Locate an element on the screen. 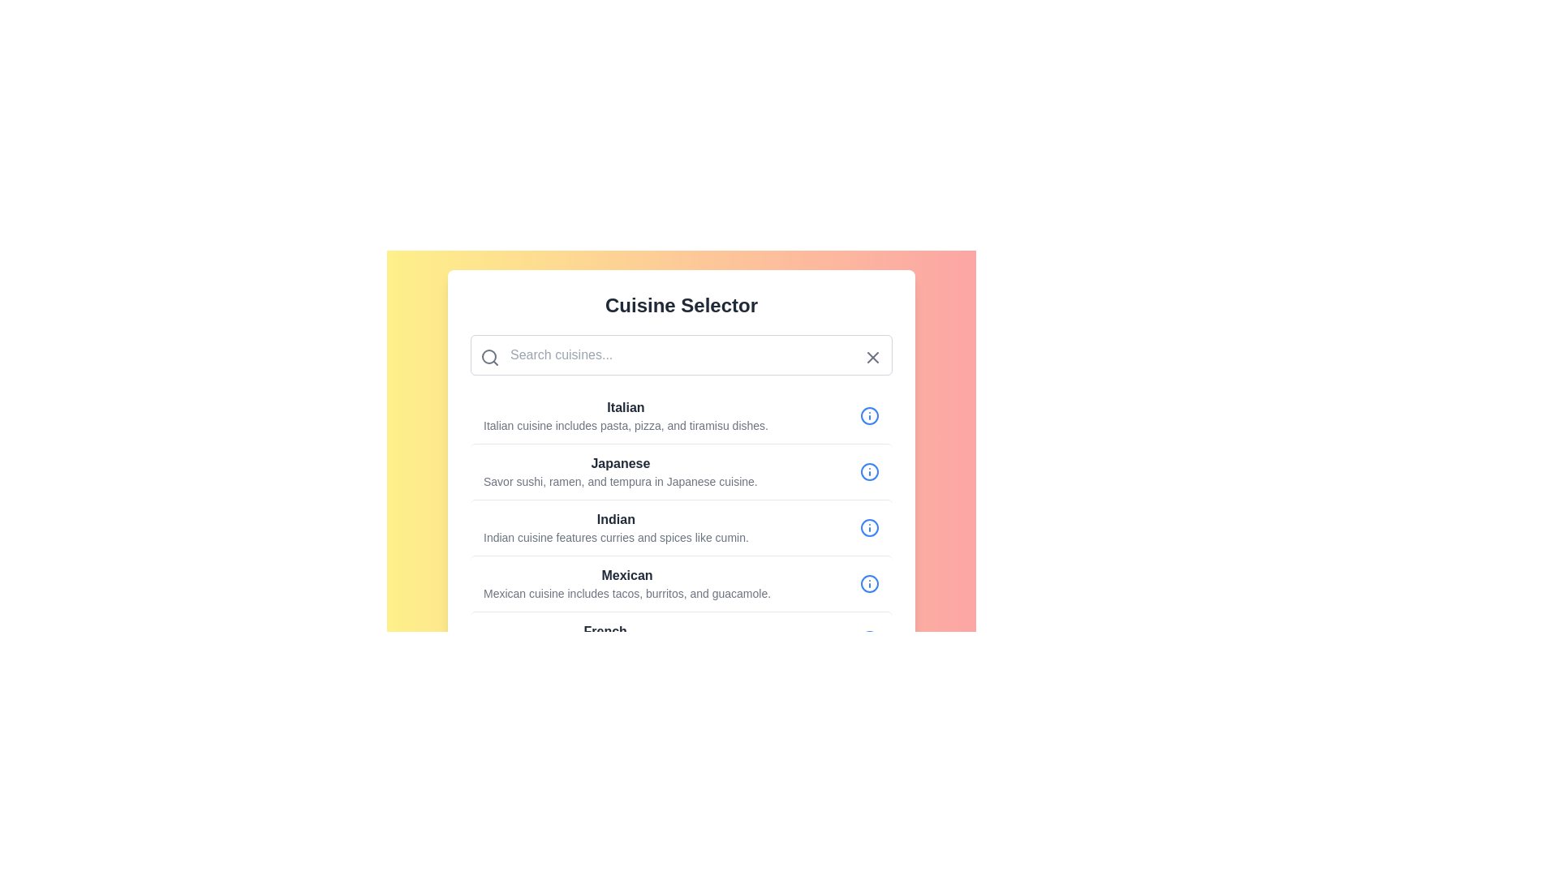  the text element displaying the description: 'Mexican cuisine includes tacos, burritos, and guacamole.' located below the bold text 'Mexican' and to the left of an informational icon in the 'Cuisine Selector' interface is located at coordinates (626, 594).